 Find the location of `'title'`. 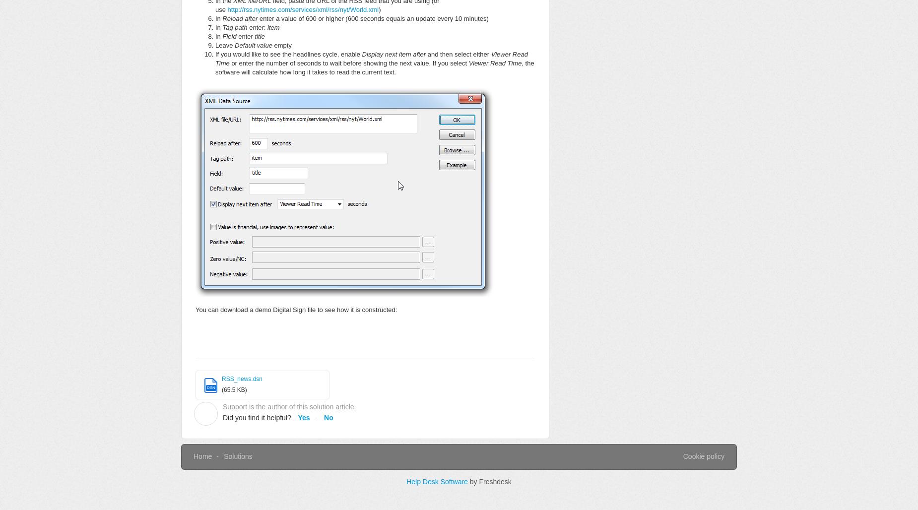

'title' is located at coordinates (259, 36).